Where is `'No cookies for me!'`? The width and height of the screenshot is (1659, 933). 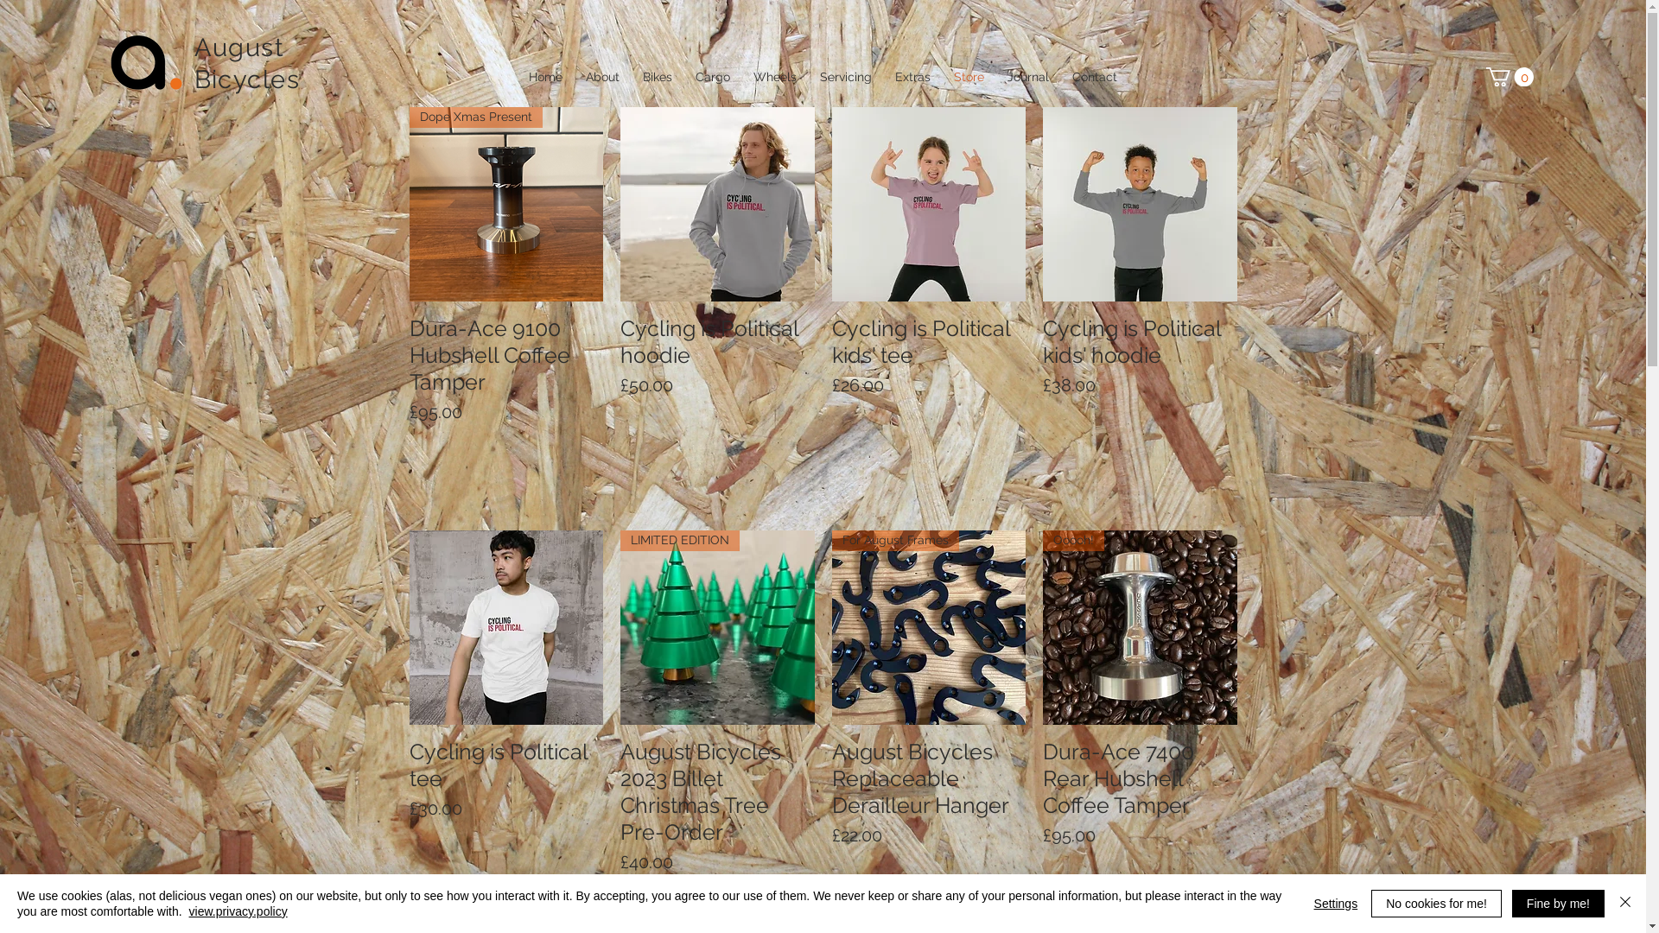
'No cookies for me!' is located at coordinates (1436, 902).